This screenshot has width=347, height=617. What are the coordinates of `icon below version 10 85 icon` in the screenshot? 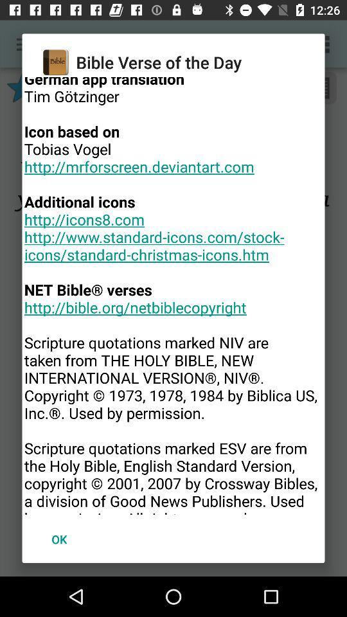 It's located at (58, 539).